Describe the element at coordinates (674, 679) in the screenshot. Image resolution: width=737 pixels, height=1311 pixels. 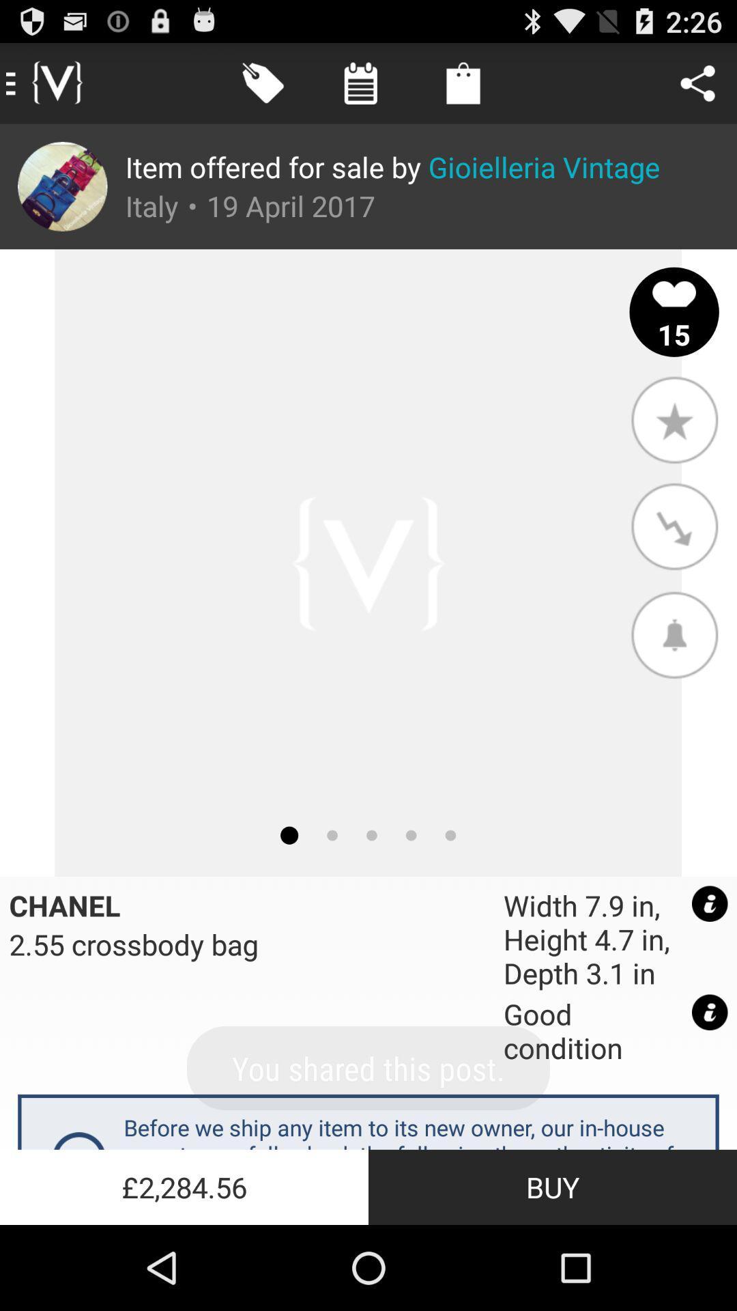
I see `the notifications icon` at that location.